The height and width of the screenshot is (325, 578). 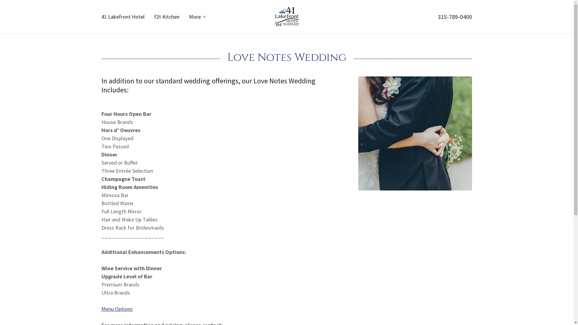 What do you see at coordinates (455, 16) in the screenshot?
I see `'315-789-0400'` at bounding box center [455, 16].